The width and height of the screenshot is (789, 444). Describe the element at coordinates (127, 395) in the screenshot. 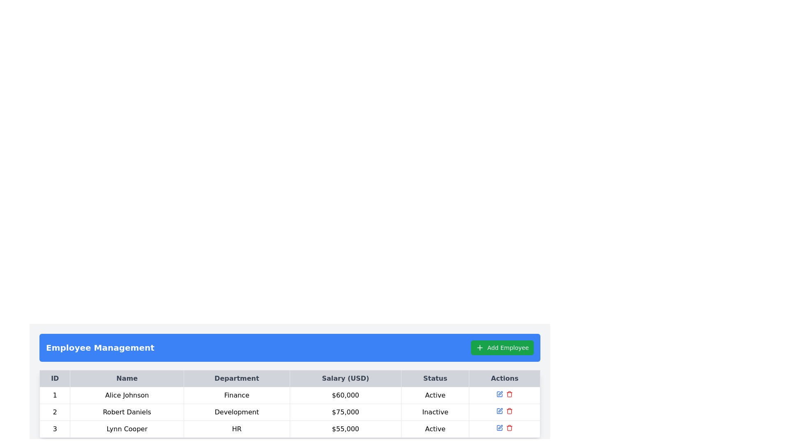

I see `the text 'Alice Johnson' displayed in the second cell of the first row in the table under the 'Name' column` at that location.